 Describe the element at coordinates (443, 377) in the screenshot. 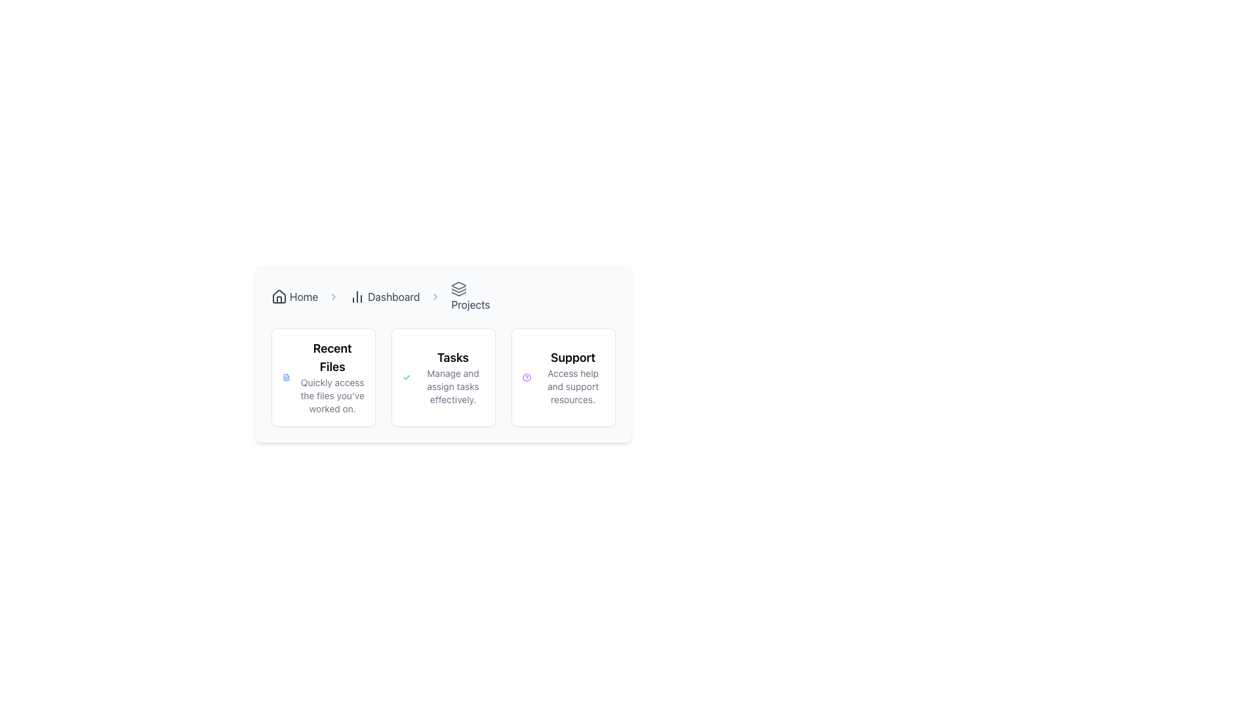

I see `the 'Tasks' section of the Grid Layout to manage and assign tasks effectively` at that location.